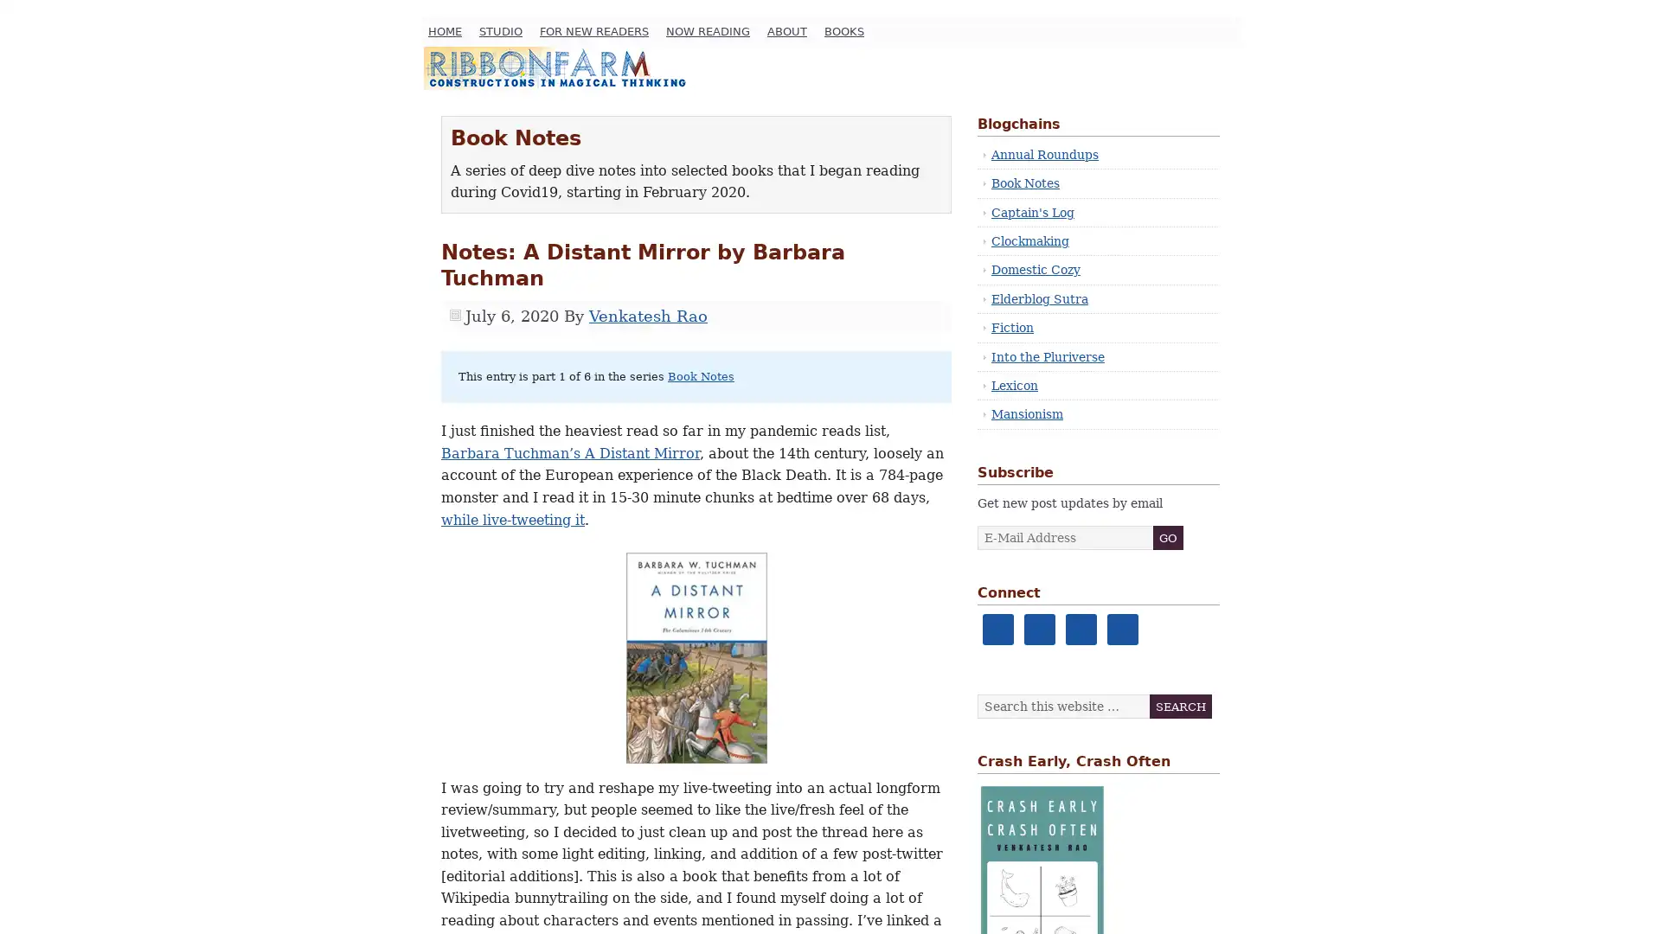 This screenshot has height=934, width=1661. Describe the element at coordinates (1168, 536) in the screenshot. I see `Go` at that location.